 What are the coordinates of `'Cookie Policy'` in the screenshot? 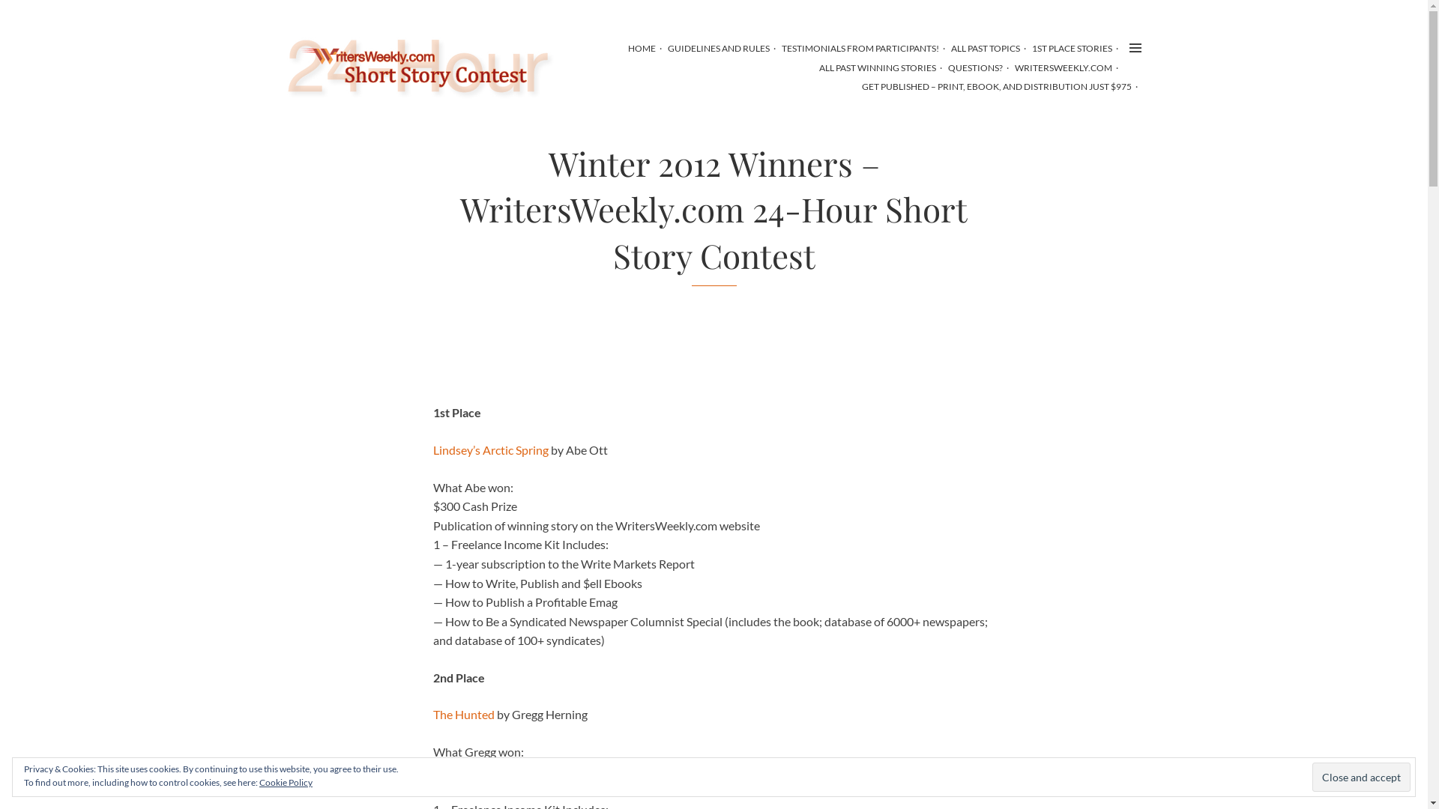 It's located at (286, 781).